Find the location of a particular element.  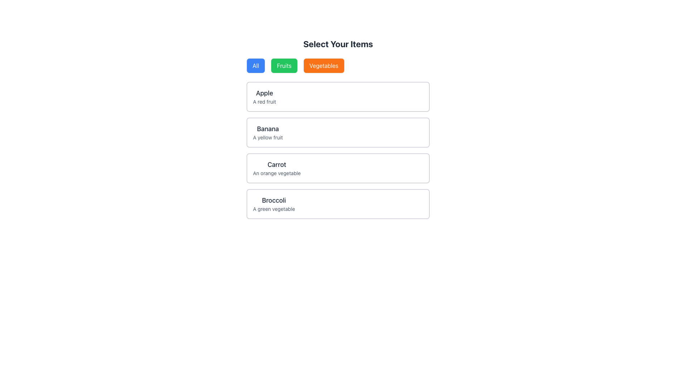

the descriptive text label for 'Broccoli', which is positioned below the title in the vertical list of containers is located at coordinates (273, 209).